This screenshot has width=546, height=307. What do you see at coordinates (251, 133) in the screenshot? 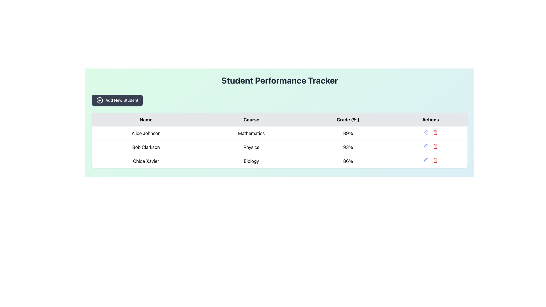
I see `the text label displaying 'Mathematics' located in the second column under the 'Course' header in the row for 'Alice Johnson'` at bounding box center [251, 133].